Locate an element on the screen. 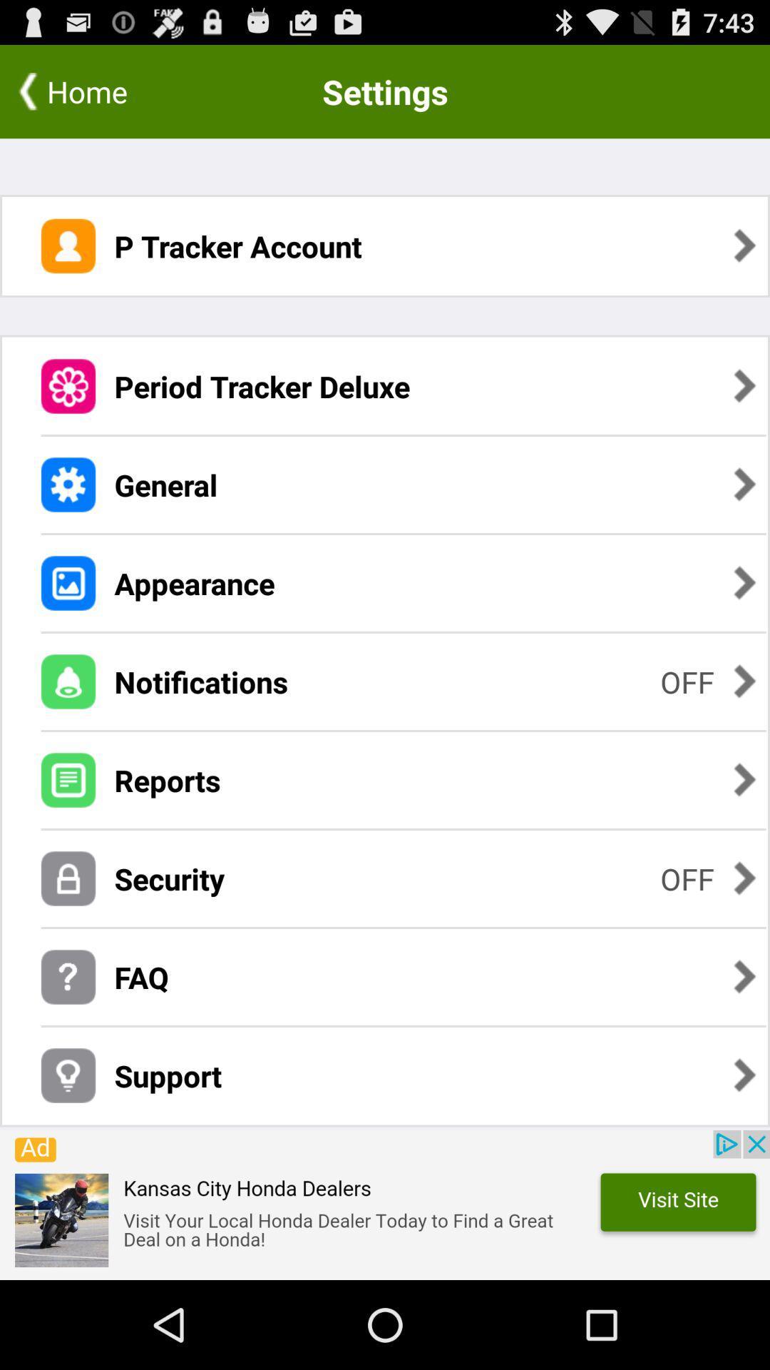 The width and height of the screenshot is (770, 1370). site is located at coordinates (385, 1204).